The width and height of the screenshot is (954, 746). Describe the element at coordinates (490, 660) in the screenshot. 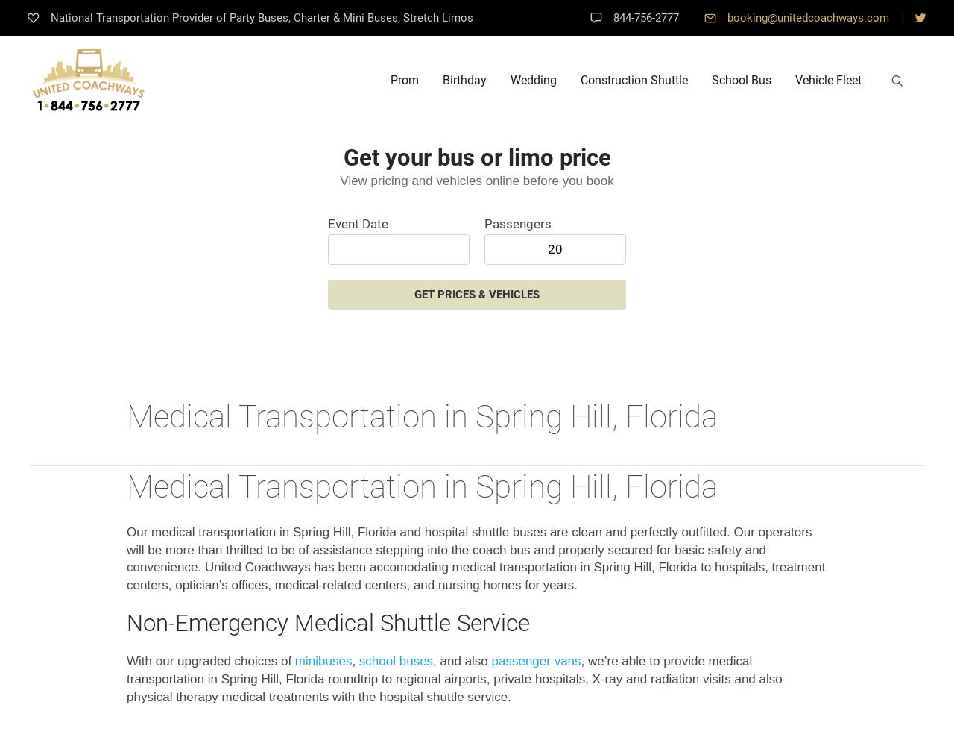

I see `'passenger vans'` at that location.